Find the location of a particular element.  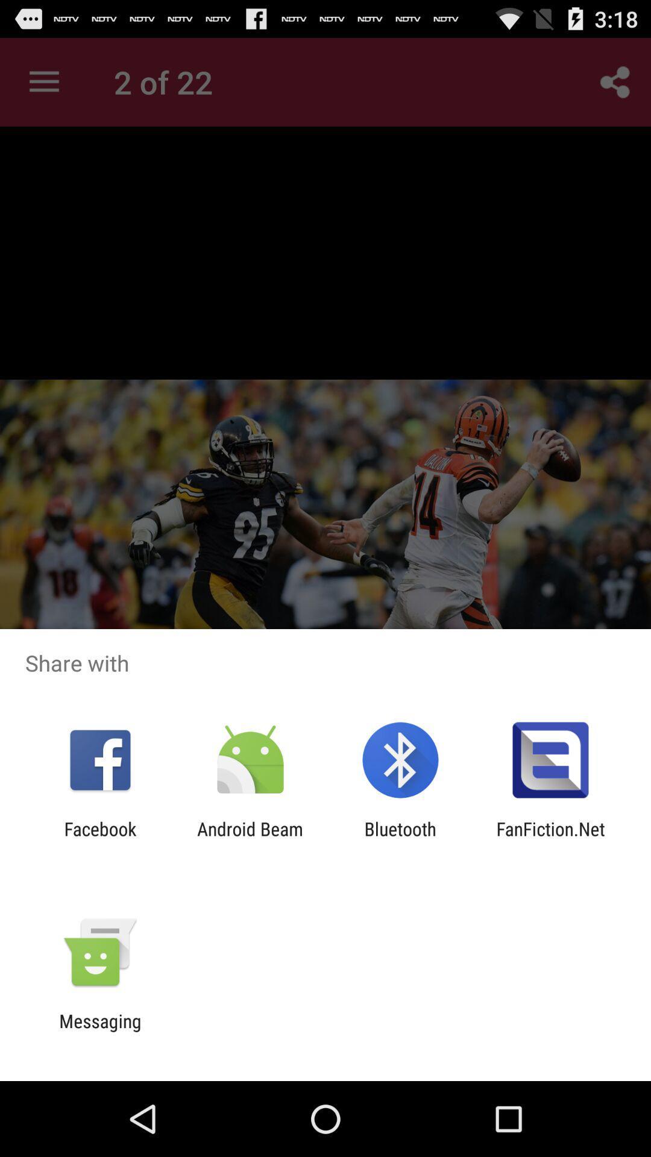

the facebook app is located at coordinates (99, 839).